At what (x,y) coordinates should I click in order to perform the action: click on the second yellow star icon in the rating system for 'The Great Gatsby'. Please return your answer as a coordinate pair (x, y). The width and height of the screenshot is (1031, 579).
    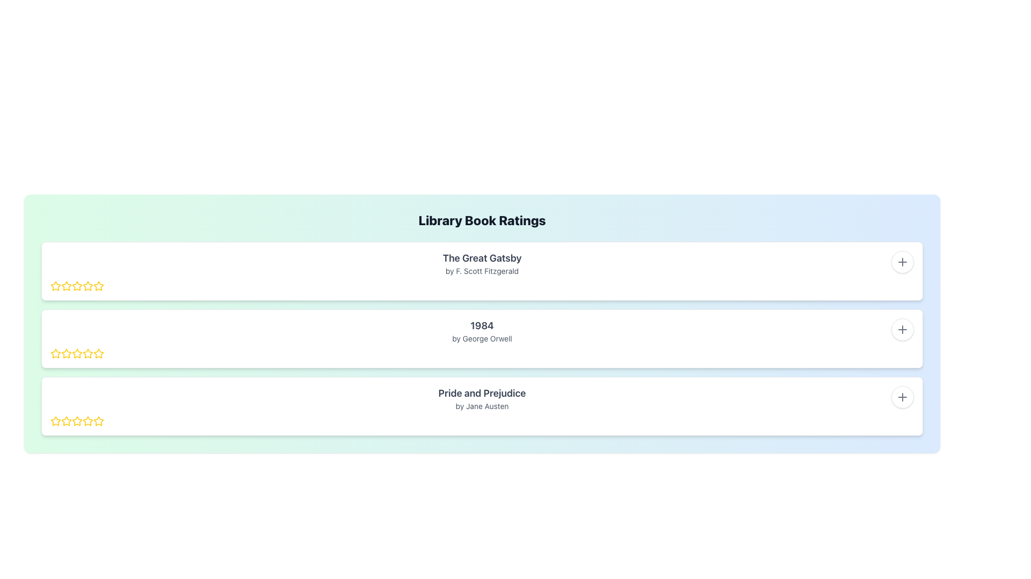
    Looking at the image, I should click on (98, 285).